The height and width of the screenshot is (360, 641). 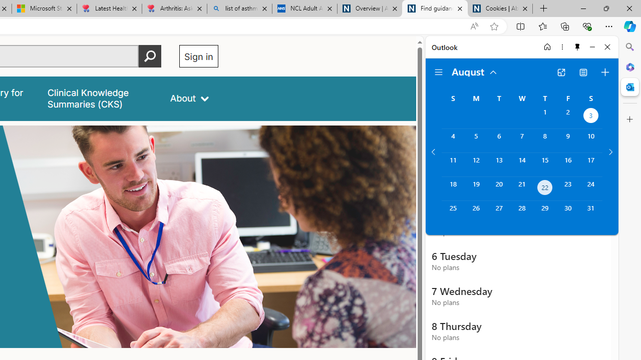 I want to click on 'Friday, August 9, 2024. ', so click(x=568, y=140).